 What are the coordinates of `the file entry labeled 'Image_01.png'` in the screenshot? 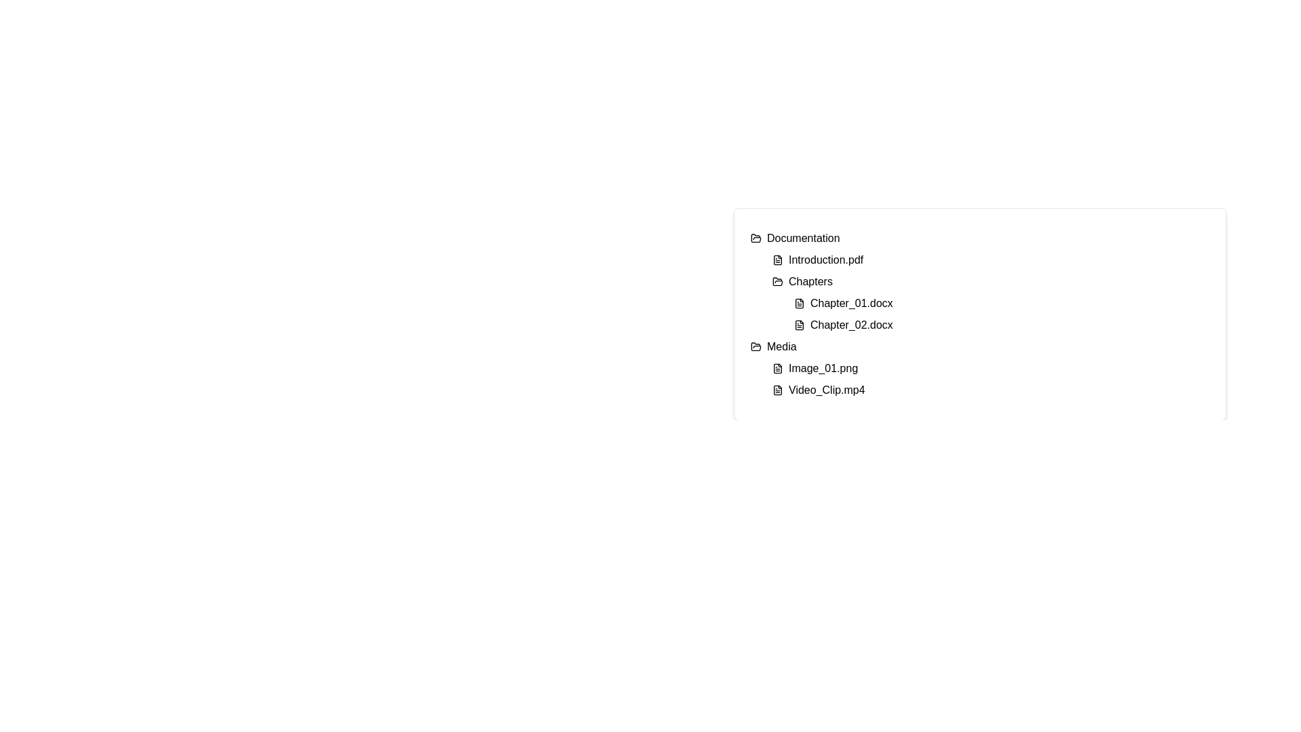 It's located at (991, 368).